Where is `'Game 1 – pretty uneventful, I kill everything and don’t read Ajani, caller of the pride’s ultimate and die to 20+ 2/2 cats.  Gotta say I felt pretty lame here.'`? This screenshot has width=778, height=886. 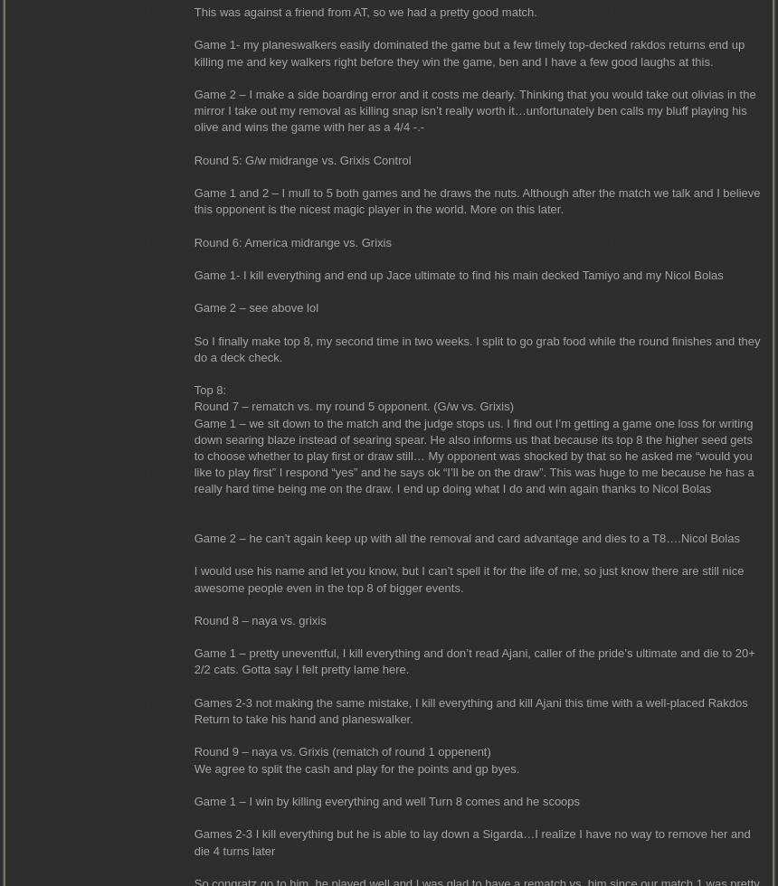 'Game 1 – pretty uneventful, I kill everything and don’t read Ajani, caller of the pride’s ultimate and die to 20+ 2/2 cats.  Gotta say I felt pretty lame here.' is located at coordinates (472, 661).